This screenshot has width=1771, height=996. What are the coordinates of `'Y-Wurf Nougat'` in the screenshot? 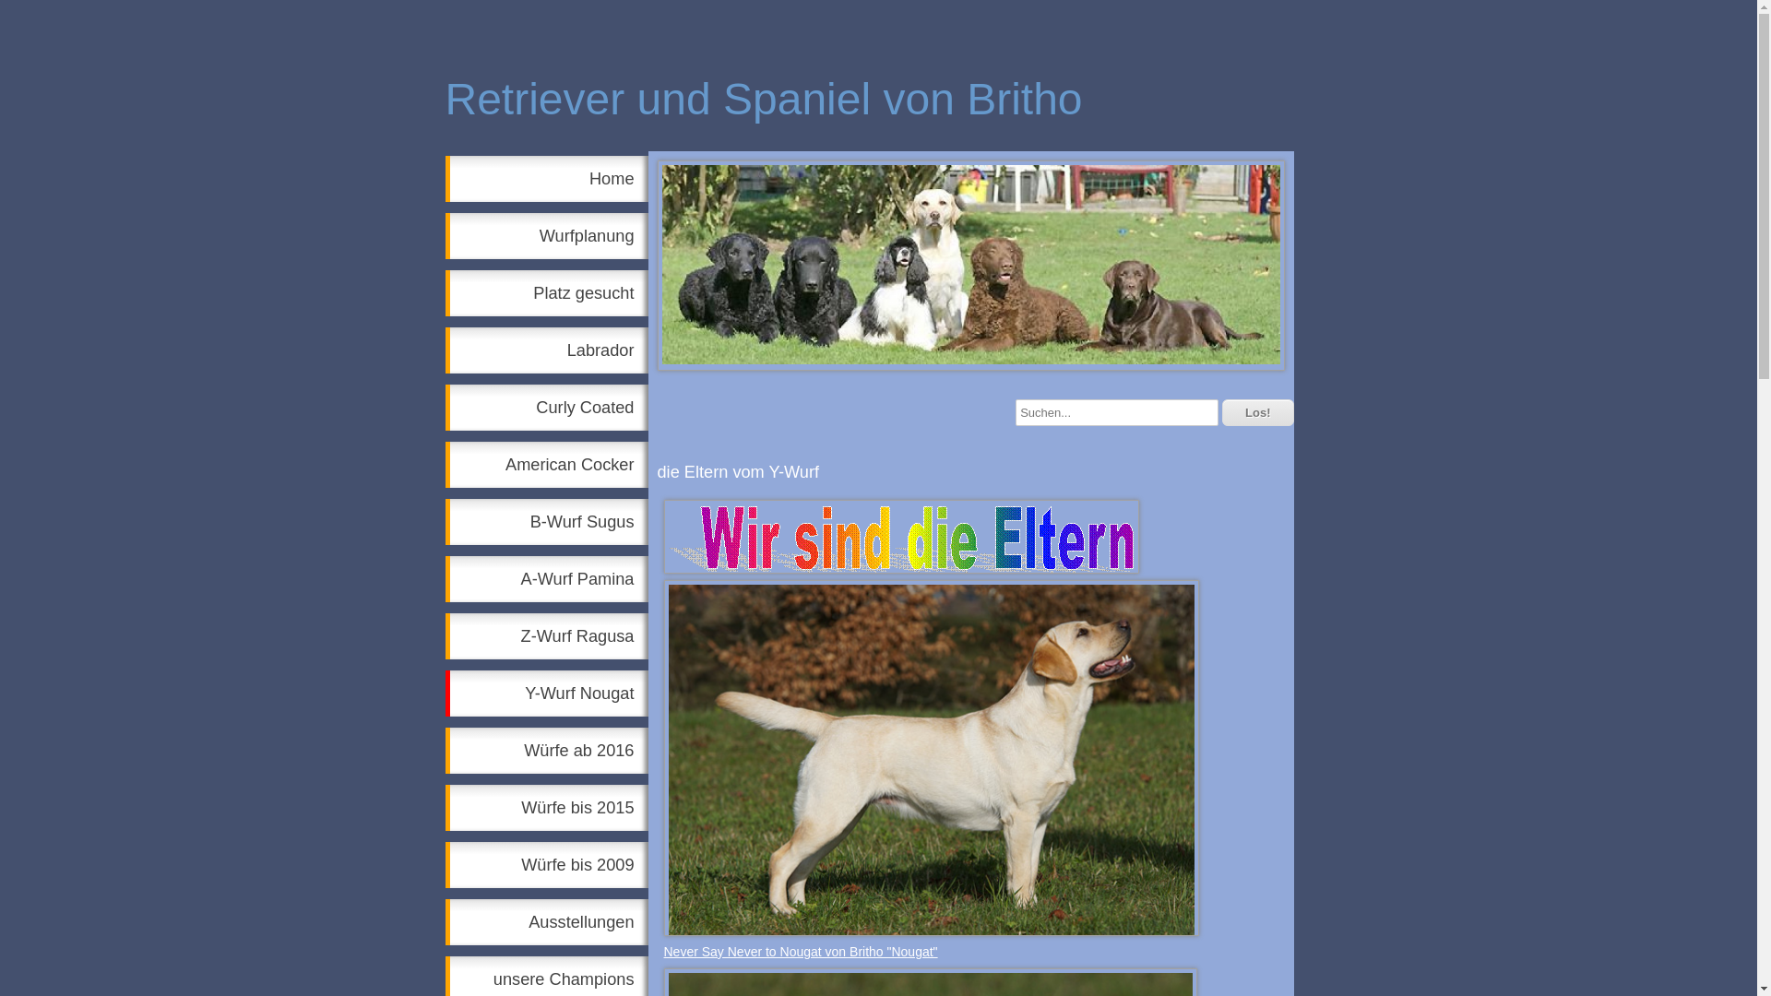 It's located at (544, 694).